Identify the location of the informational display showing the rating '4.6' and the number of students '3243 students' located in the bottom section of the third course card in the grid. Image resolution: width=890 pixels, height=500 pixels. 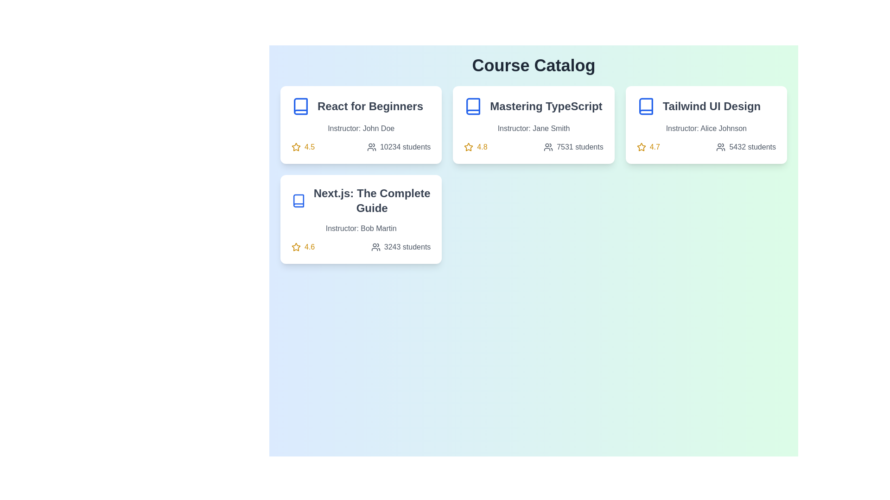
(361, 246).